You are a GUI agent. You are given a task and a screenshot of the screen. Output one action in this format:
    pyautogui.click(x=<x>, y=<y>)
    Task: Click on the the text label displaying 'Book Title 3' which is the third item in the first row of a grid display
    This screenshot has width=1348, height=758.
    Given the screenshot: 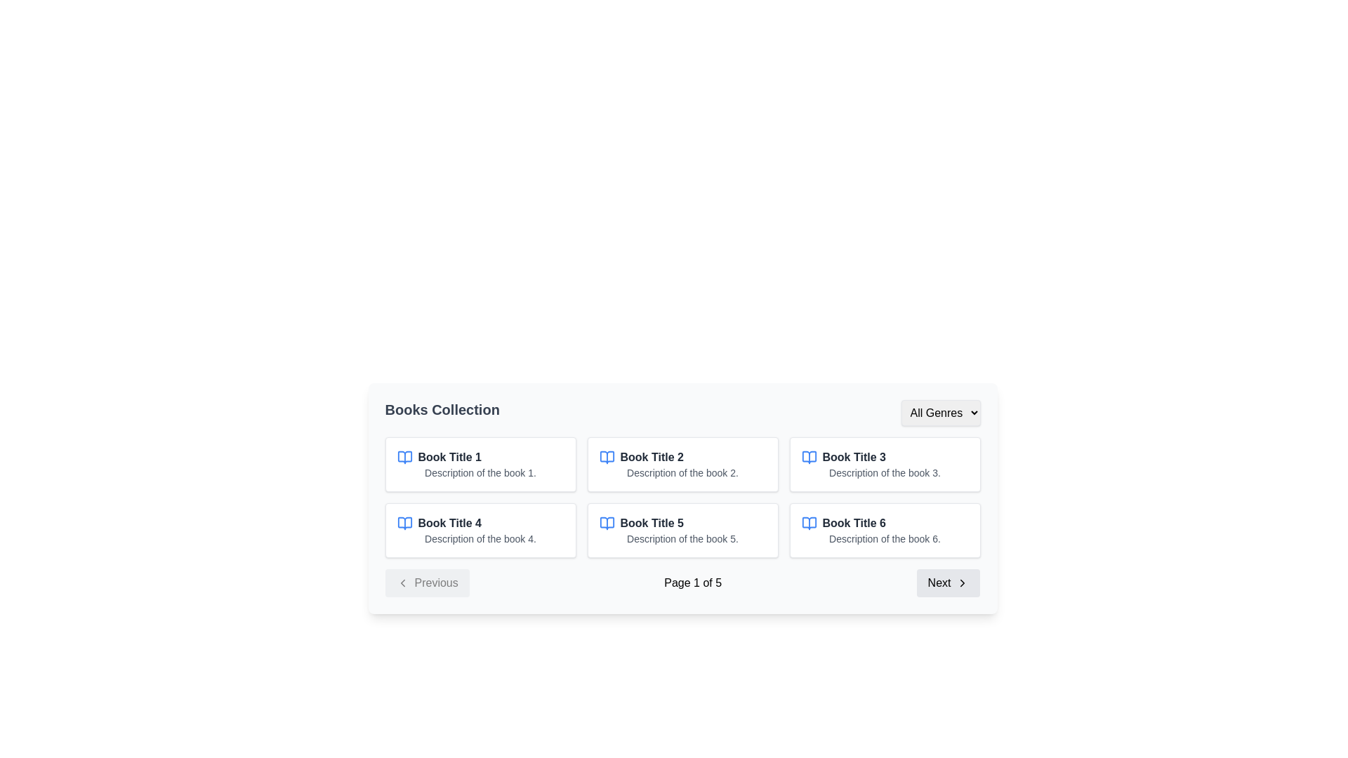 What is the action you would take?
    pyautogui.click(x=853, y=457)
    